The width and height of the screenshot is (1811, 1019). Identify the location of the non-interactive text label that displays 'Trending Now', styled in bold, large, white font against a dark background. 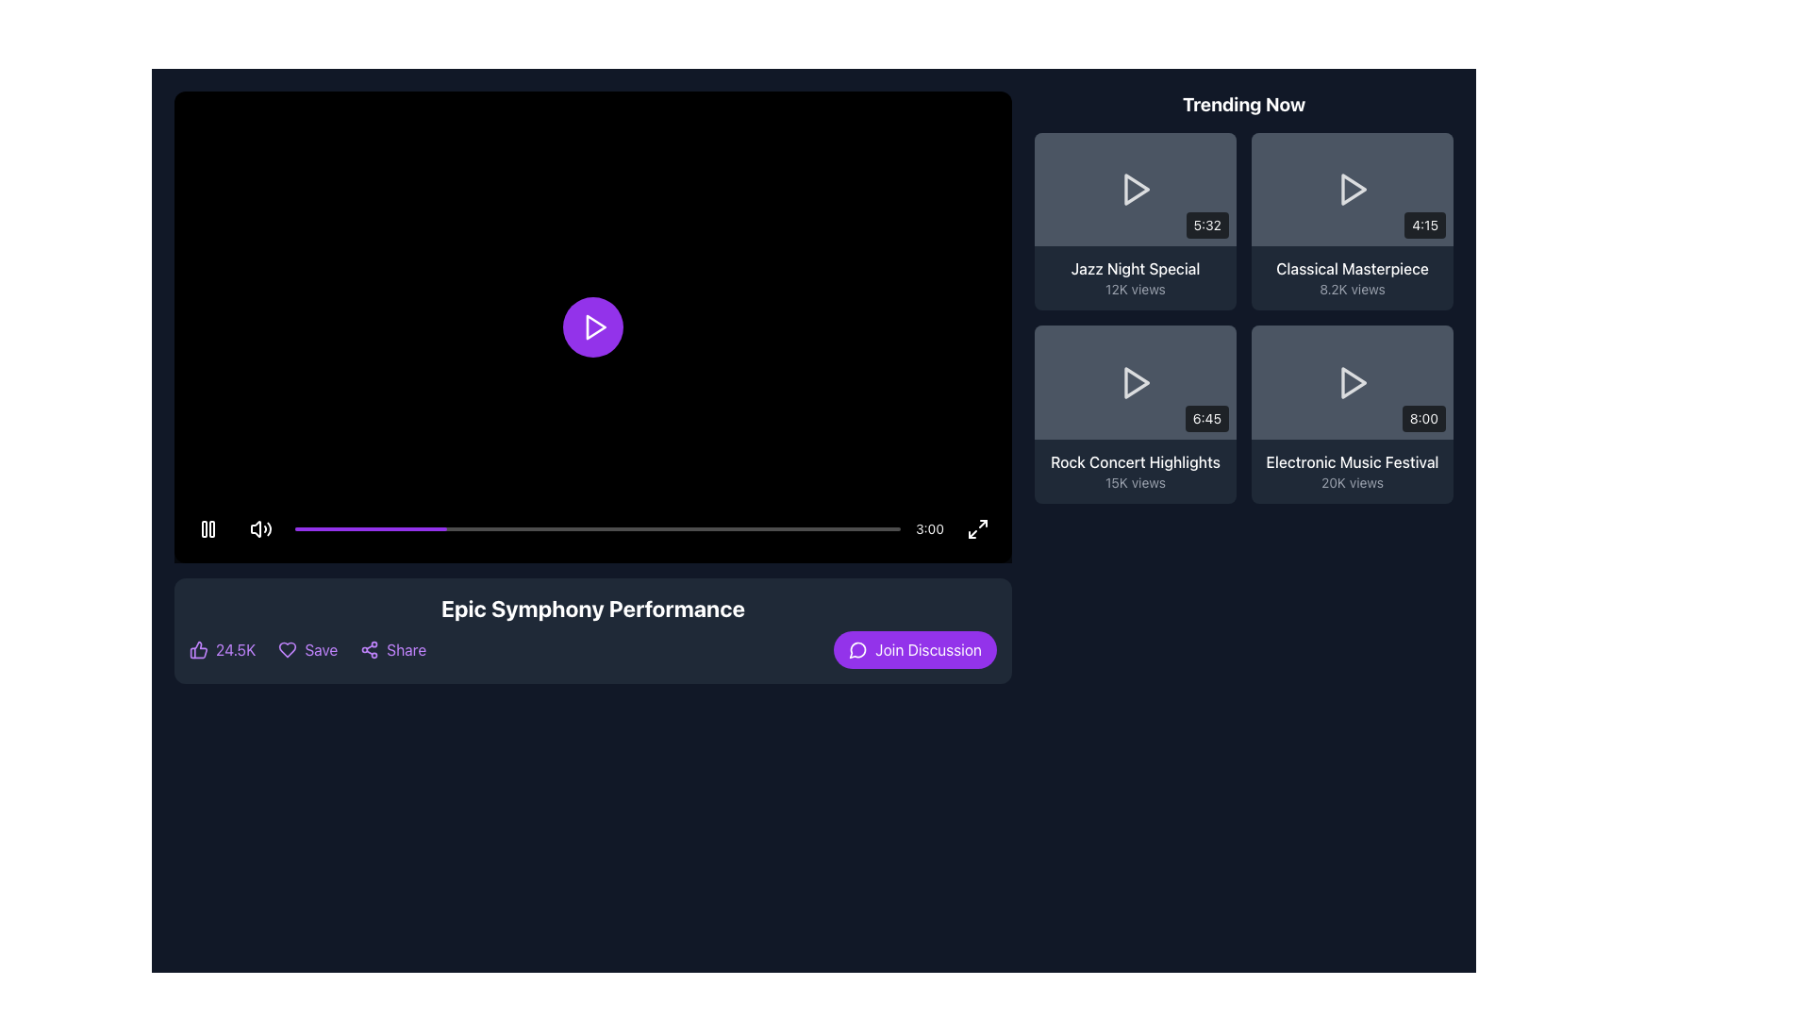
(1244, 105).